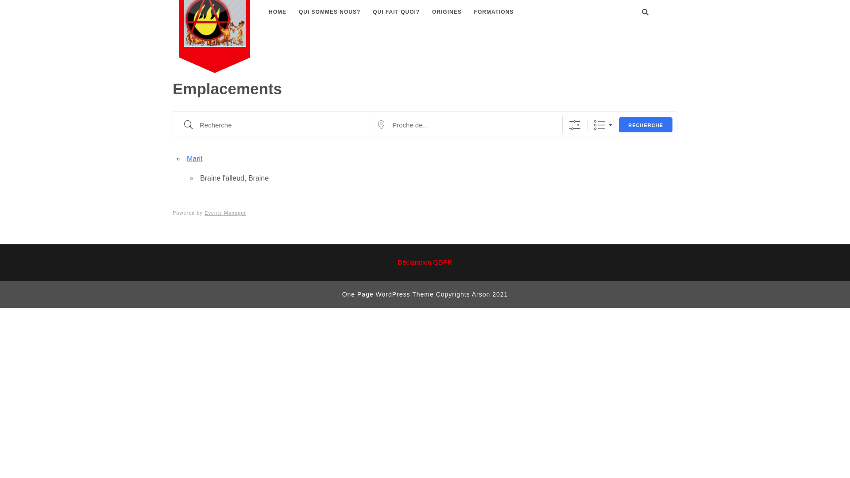  What do you see at coordinates (194, 158) in the screenshot?
I see `'Marit'` at bounding box center [194, 158].